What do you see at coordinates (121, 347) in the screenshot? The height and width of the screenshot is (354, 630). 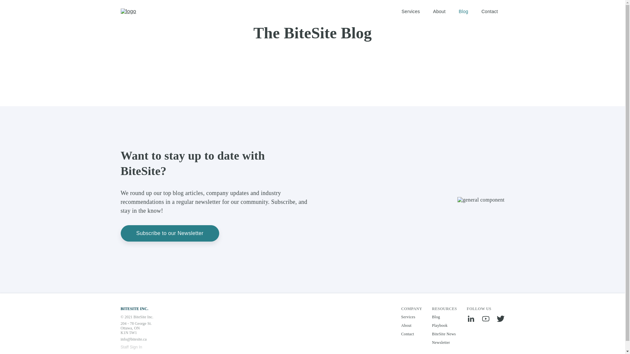 I see `'Staff Sign In'` at bounding box center [121, 347].